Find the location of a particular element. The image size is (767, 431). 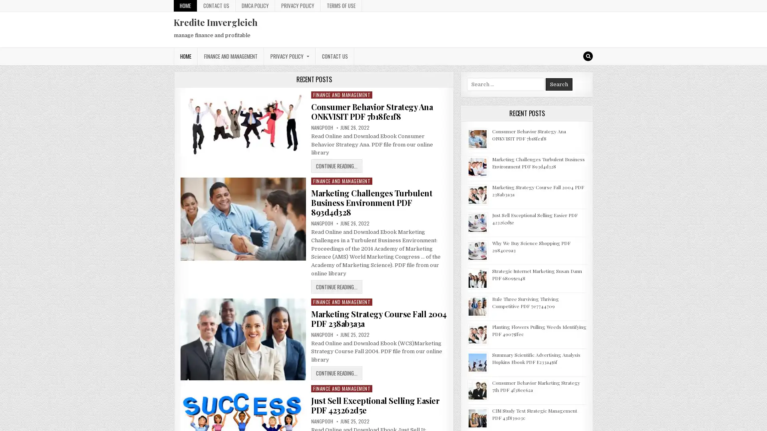

Search is located at coordinates (558, 84).